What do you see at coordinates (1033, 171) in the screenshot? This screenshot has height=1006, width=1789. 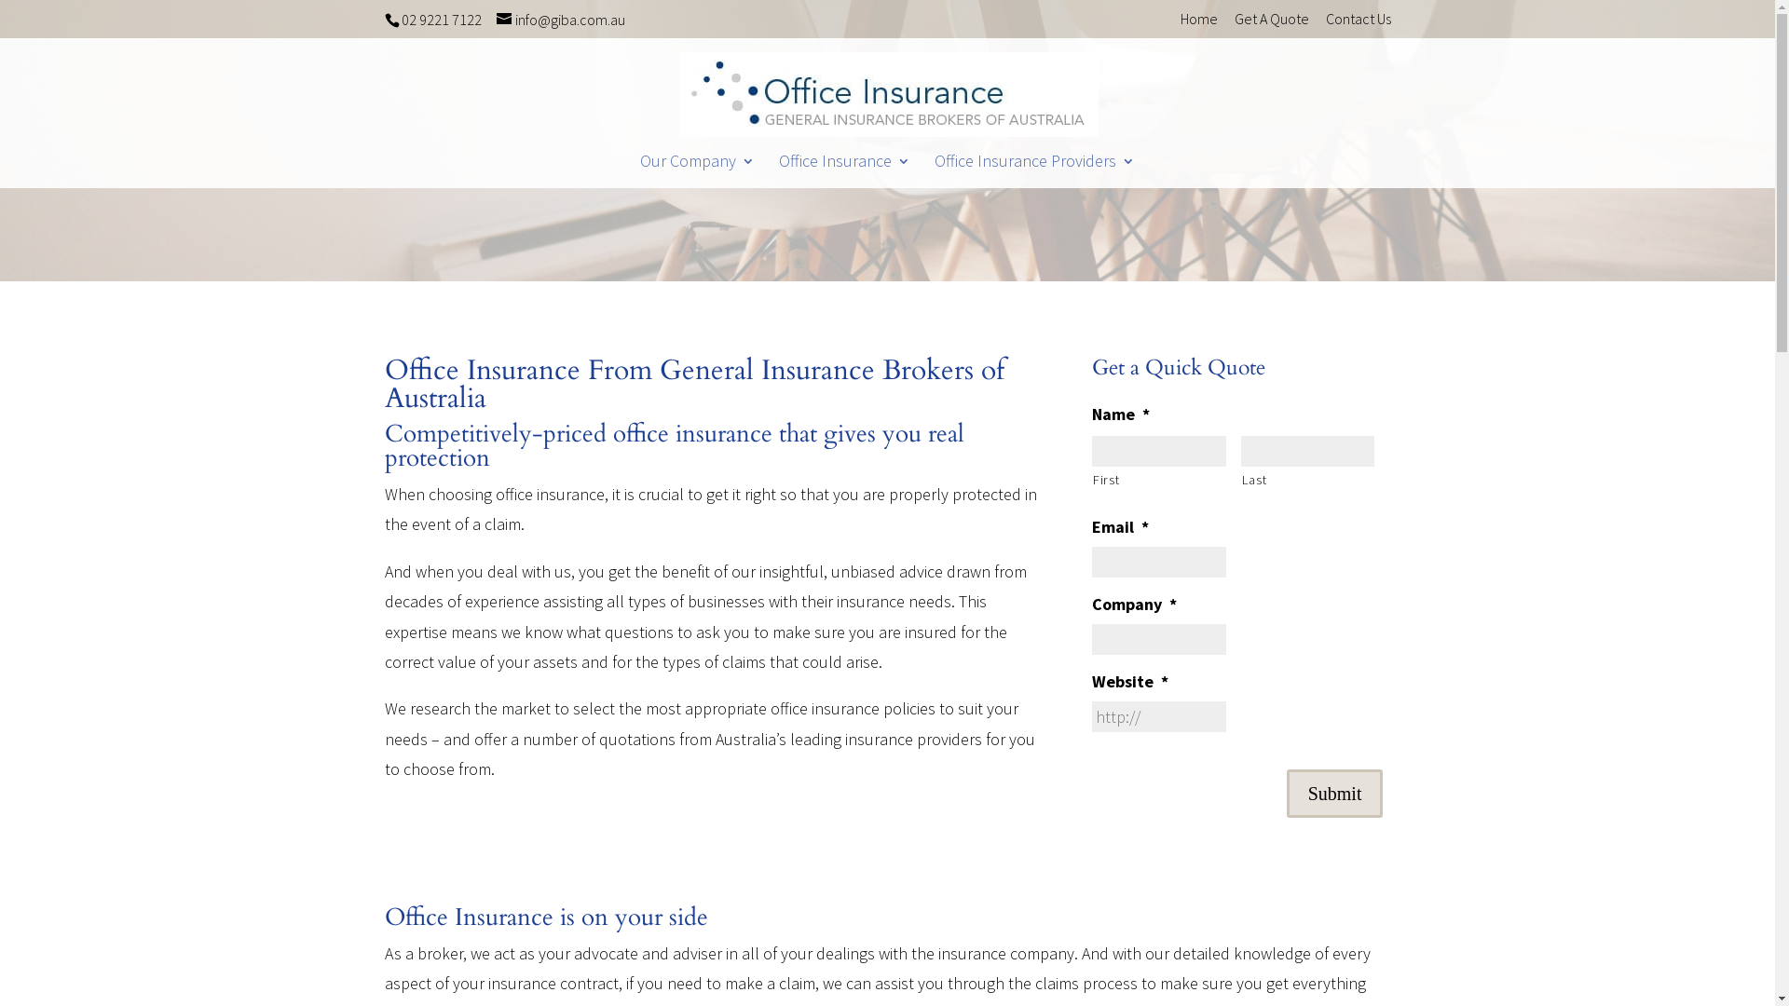 I see `'Office Insurance Providers'` at bounding box center [1033, 171].